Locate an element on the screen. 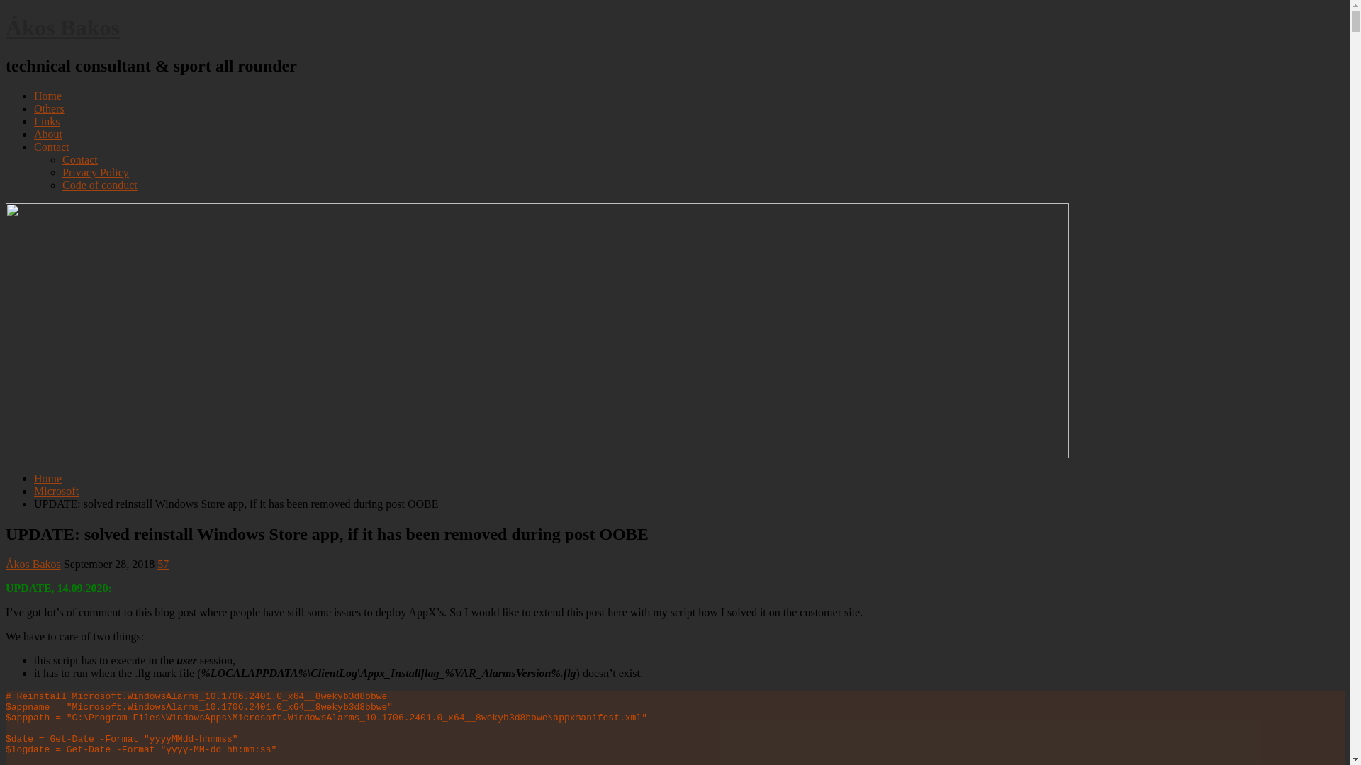 Image resolution: width=1361 pixels, height=765 pixels. '57' is located at coordinates (163, 563).